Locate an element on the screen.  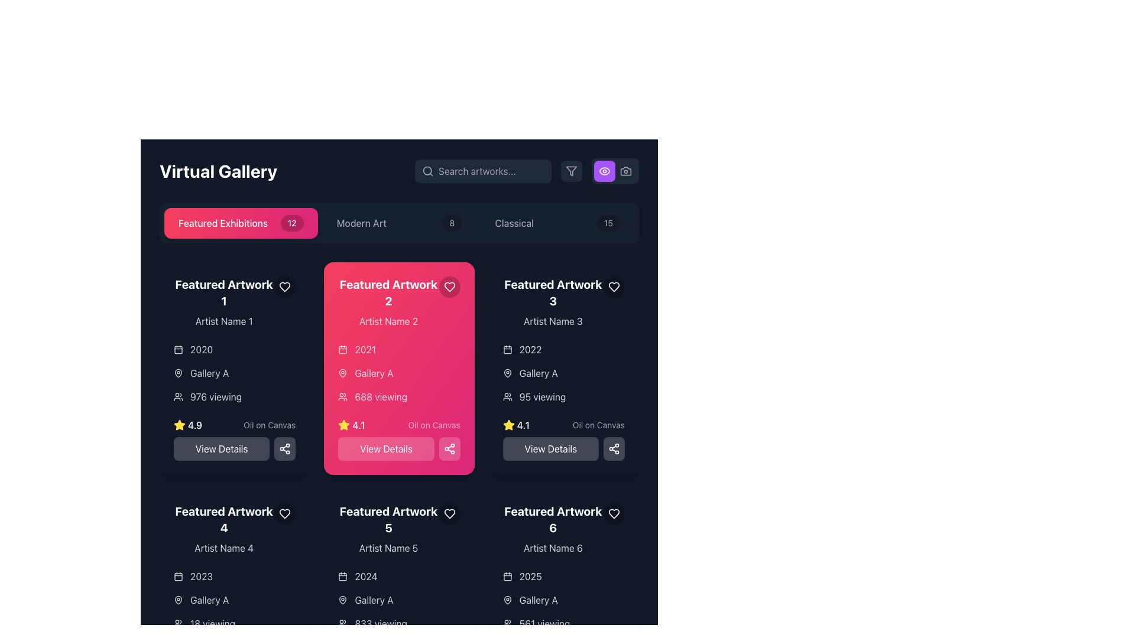
the button located in the top-right section of the interface, adjacent to a camera icon button is located at coordinates (615, 171).